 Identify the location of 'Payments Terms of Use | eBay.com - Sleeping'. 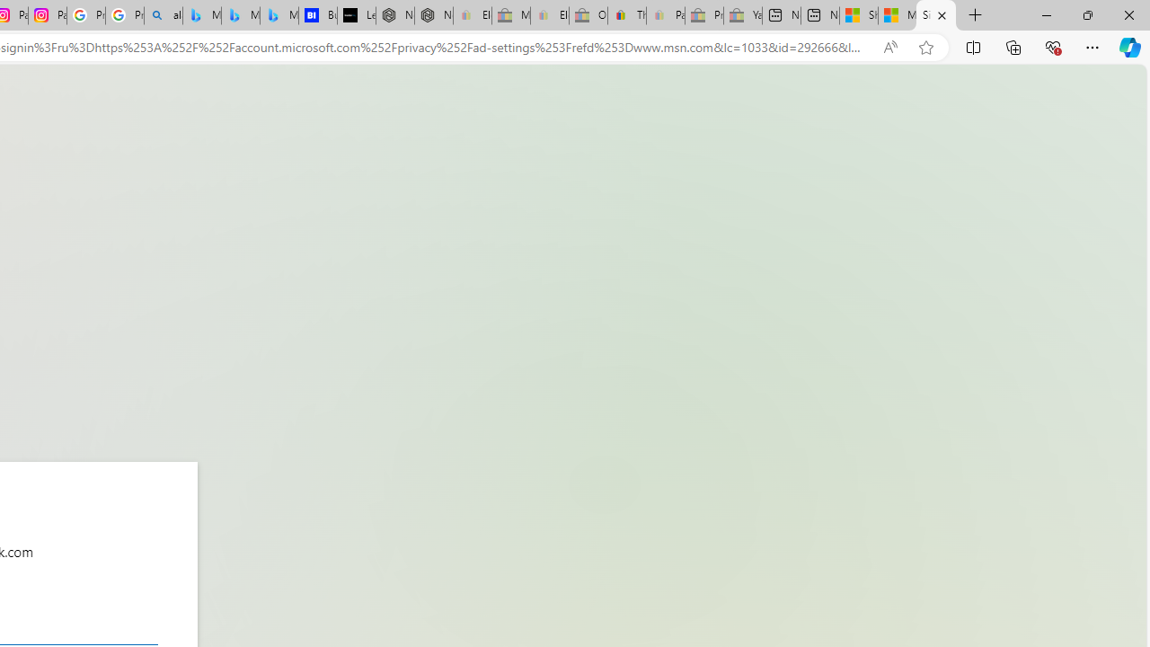
(664, 15).